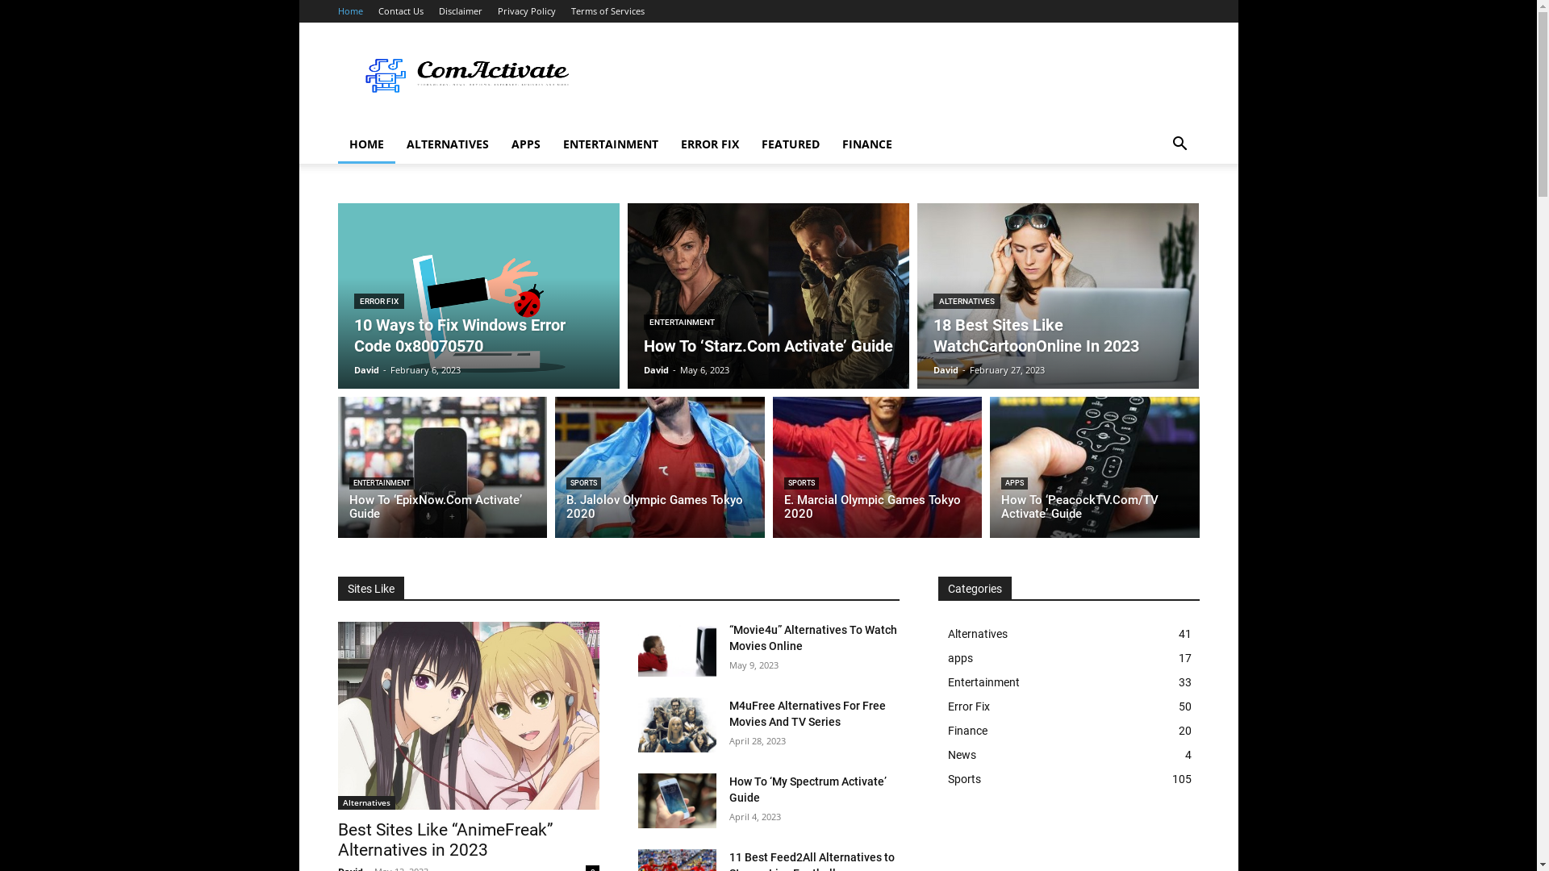 This screenshot has width=1549, height=871. Describe the element at coordinates (582, 482) in the screenshot. I see `'SPORTS'` at that location.